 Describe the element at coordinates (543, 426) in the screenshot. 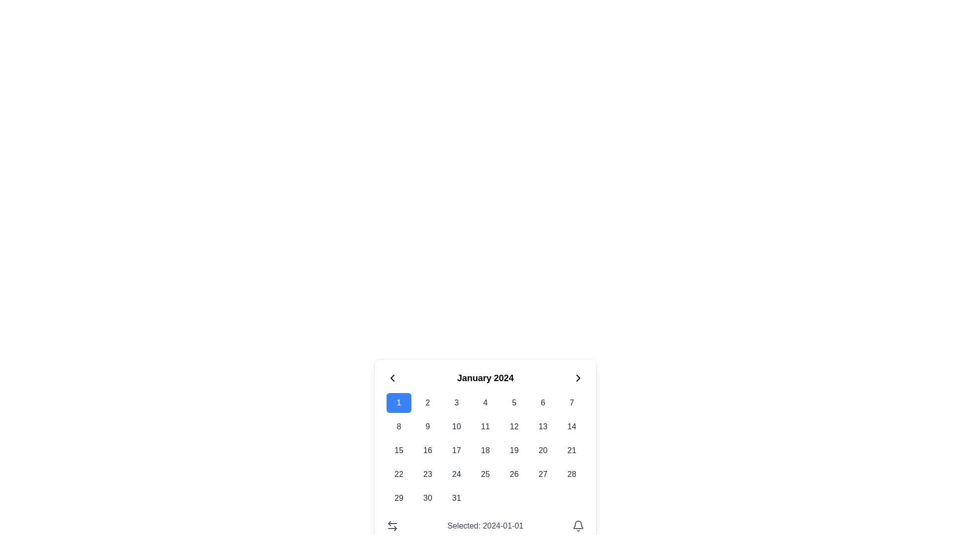

I see `the button labeled '13'` at that location.